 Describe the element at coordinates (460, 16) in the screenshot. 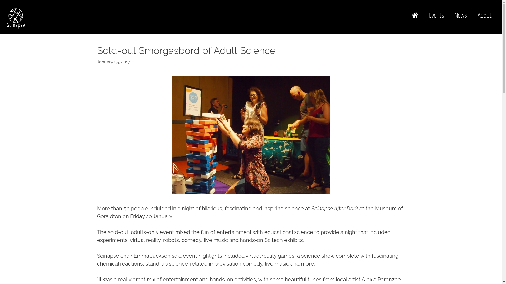

I see `'News'` at that location.